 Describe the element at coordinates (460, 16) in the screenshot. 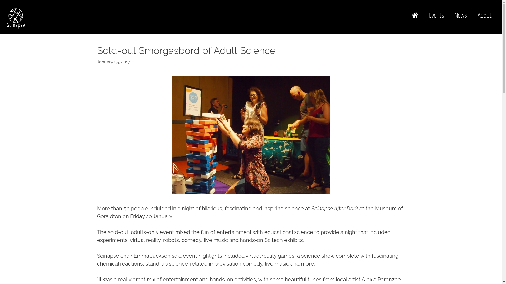

I see `'News'` at that location.